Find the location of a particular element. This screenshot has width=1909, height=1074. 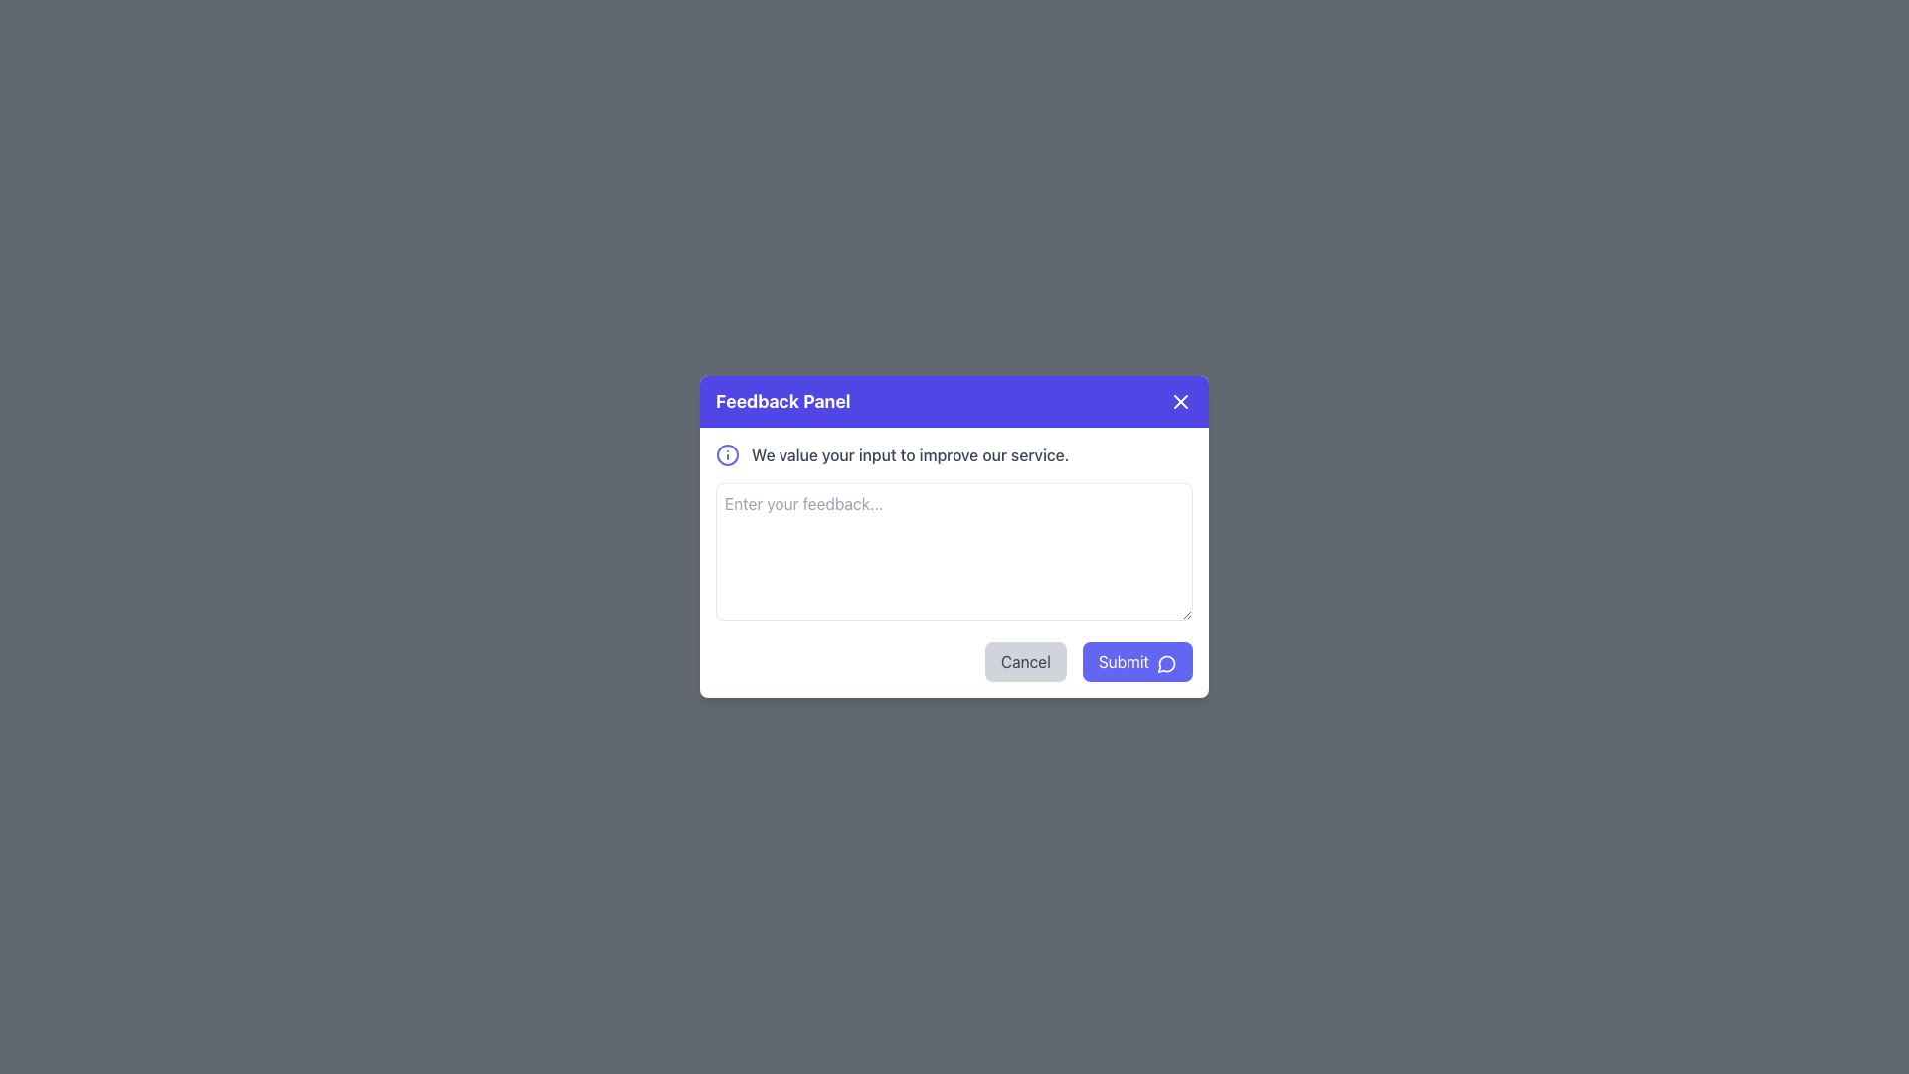

the second button in the bottom-right corner of the popup panel is located at coordinates (1137, 662).